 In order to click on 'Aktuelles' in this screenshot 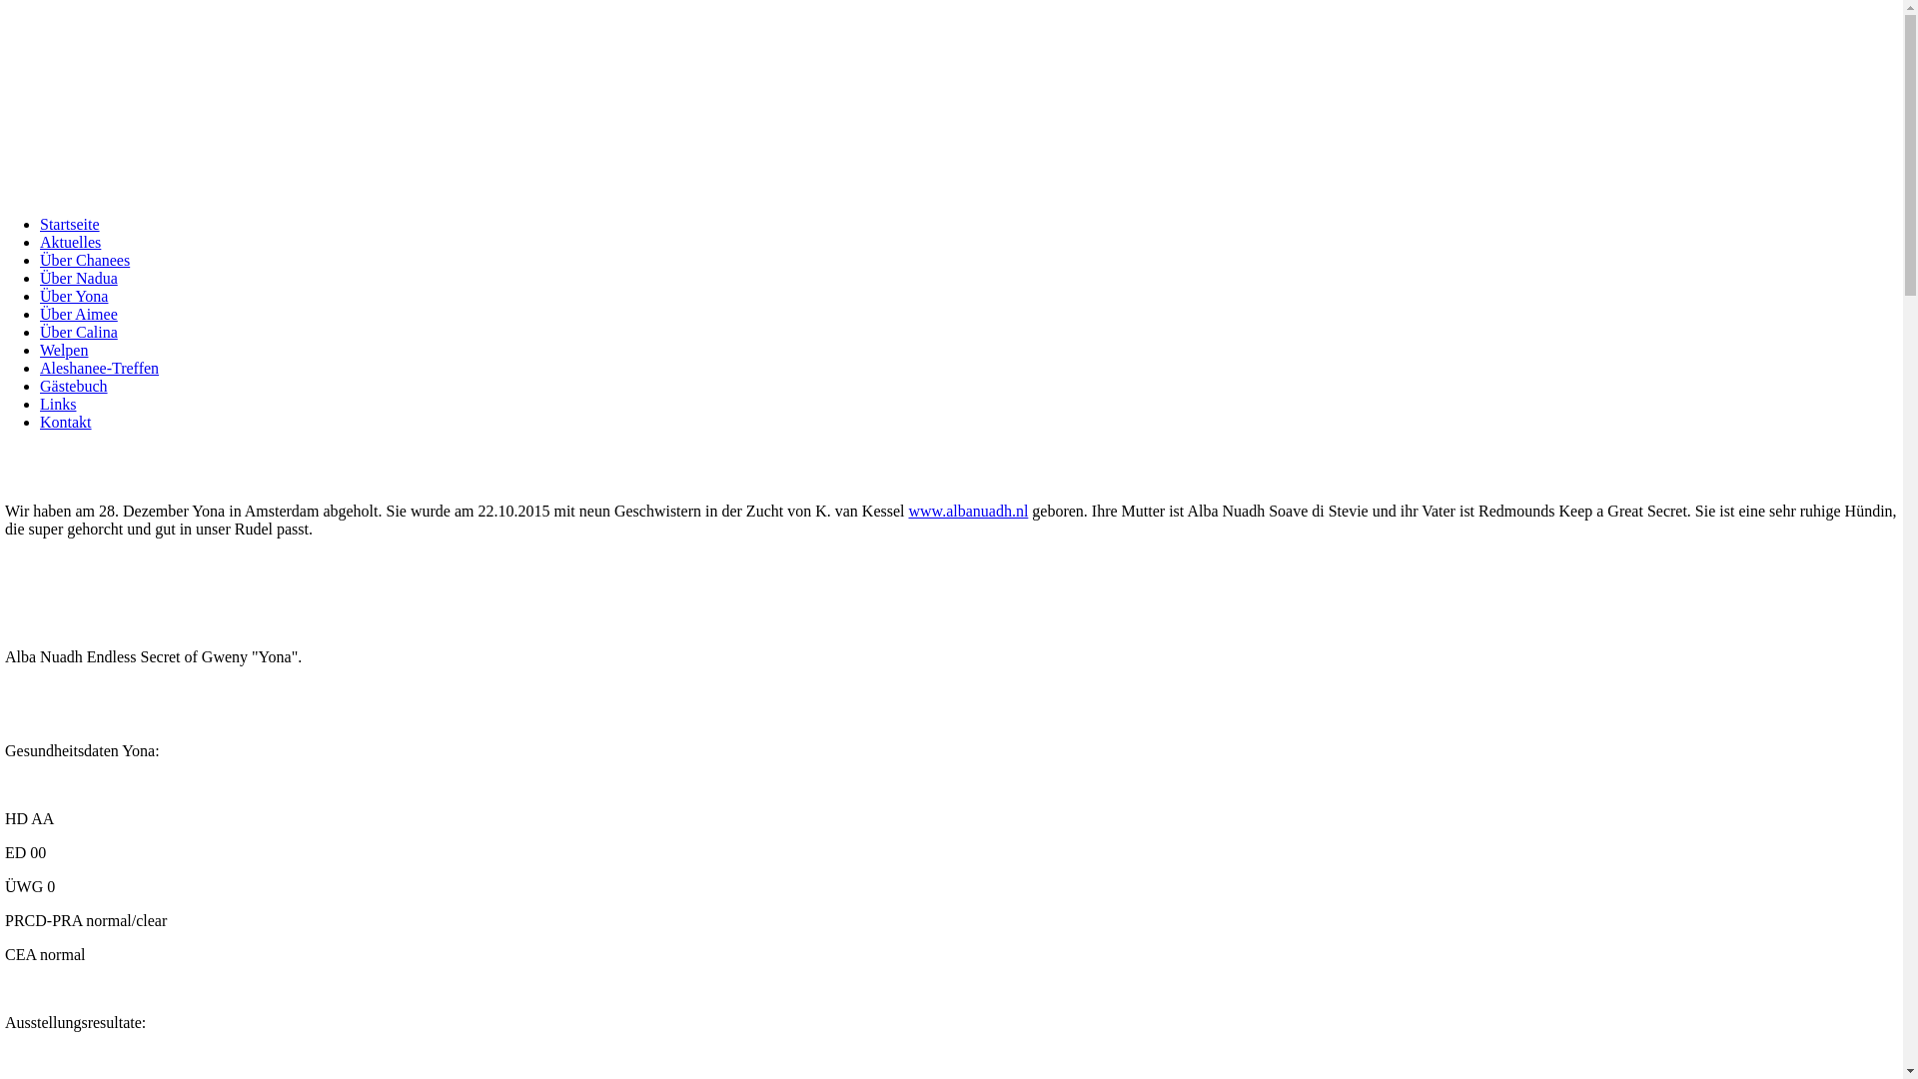, I will do `click(70, 241)`.